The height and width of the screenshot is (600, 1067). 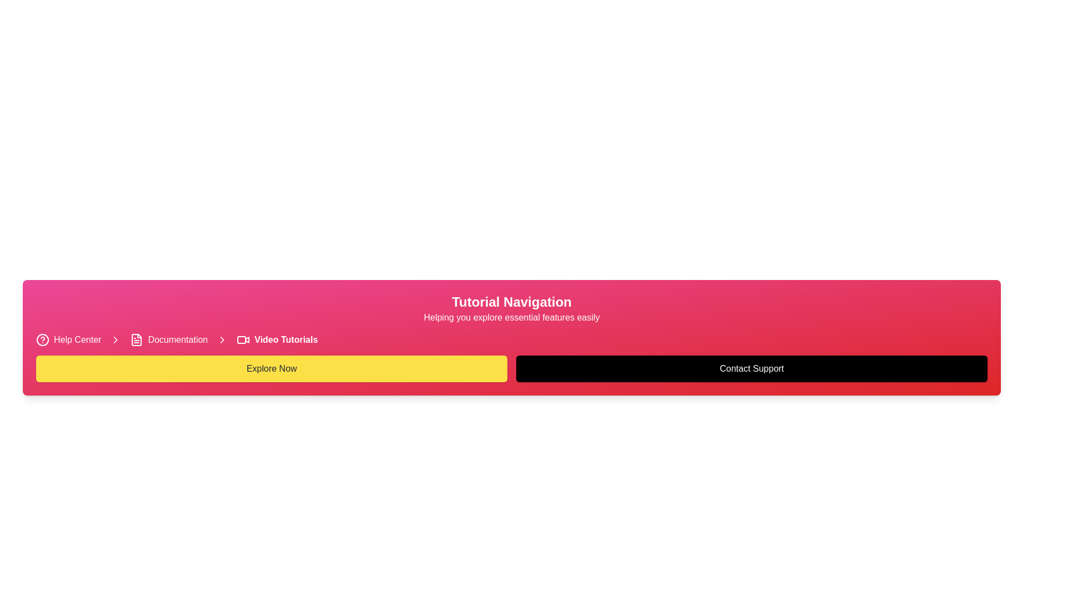 I want to click on the second button located to the right of the 'Explore Now' yellow button in the pink gradient header area, so click(x=752, y=368).